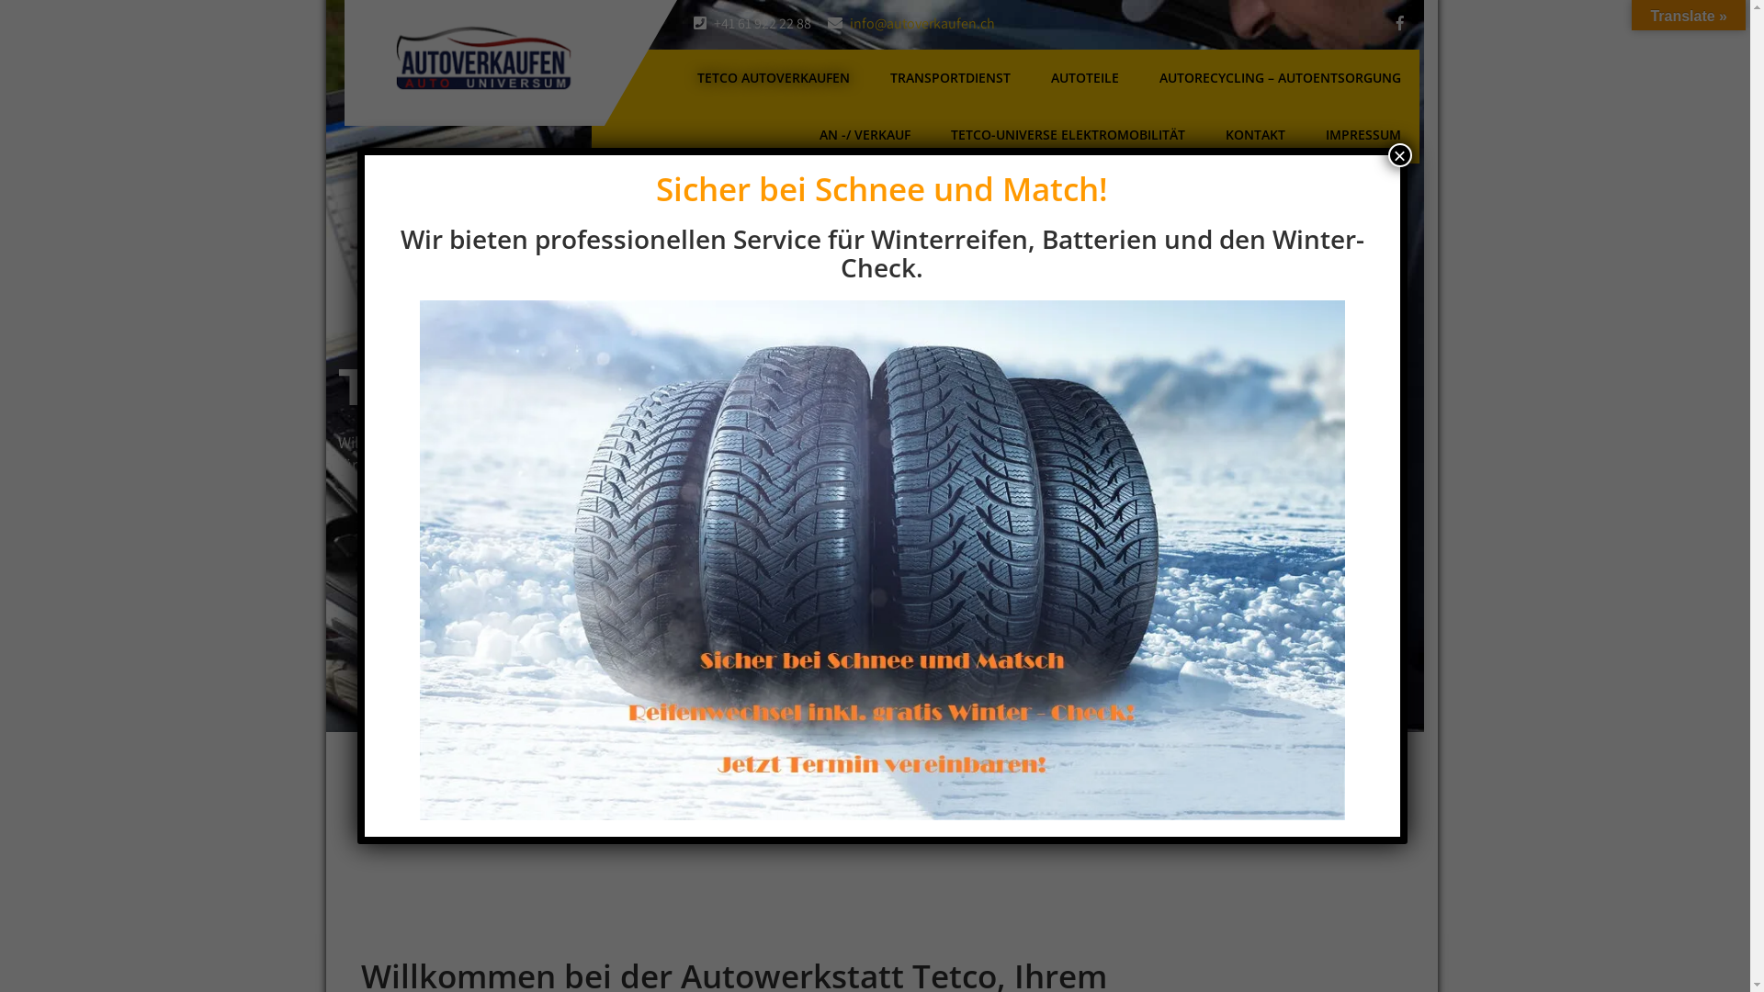 Image resolution: width=1764 pixels, height=992 pixels. Describe the element at coordinates (922, 23) in the screenshot. I see `'info@autoverkaufen.ch'` at that location.